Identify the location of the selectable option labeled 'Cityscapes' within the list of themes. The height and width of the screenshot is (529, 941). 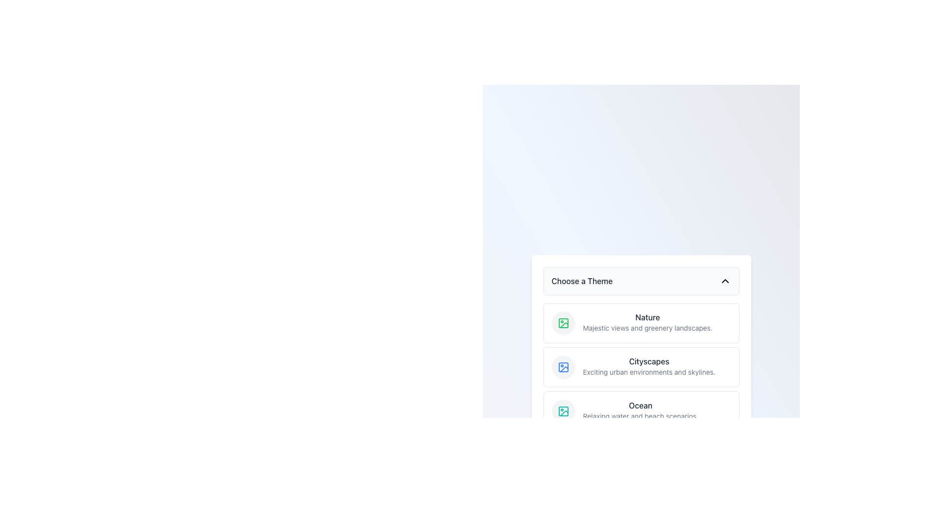
(641, 367).